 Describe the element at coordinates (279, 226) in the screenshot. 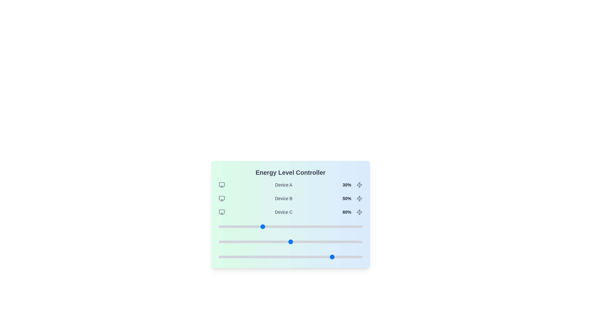

I see `the slider for Device A to set its energy level to 42%` at that location.